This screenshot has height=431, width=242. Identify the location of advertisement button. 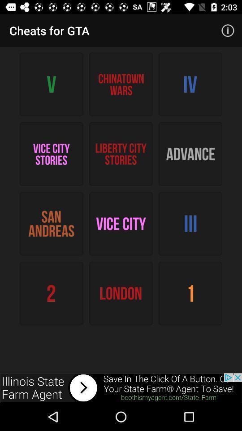
(121, 387).